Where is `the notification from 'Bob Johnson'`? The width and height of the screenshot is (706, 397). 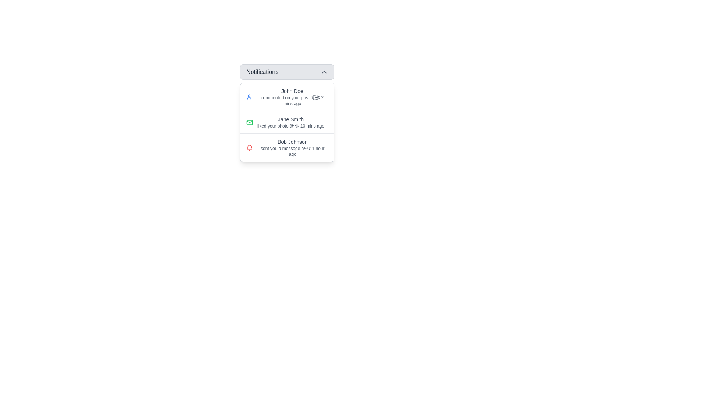 the notification from 'Bob Johnson' is located at coordinates (287, 147).